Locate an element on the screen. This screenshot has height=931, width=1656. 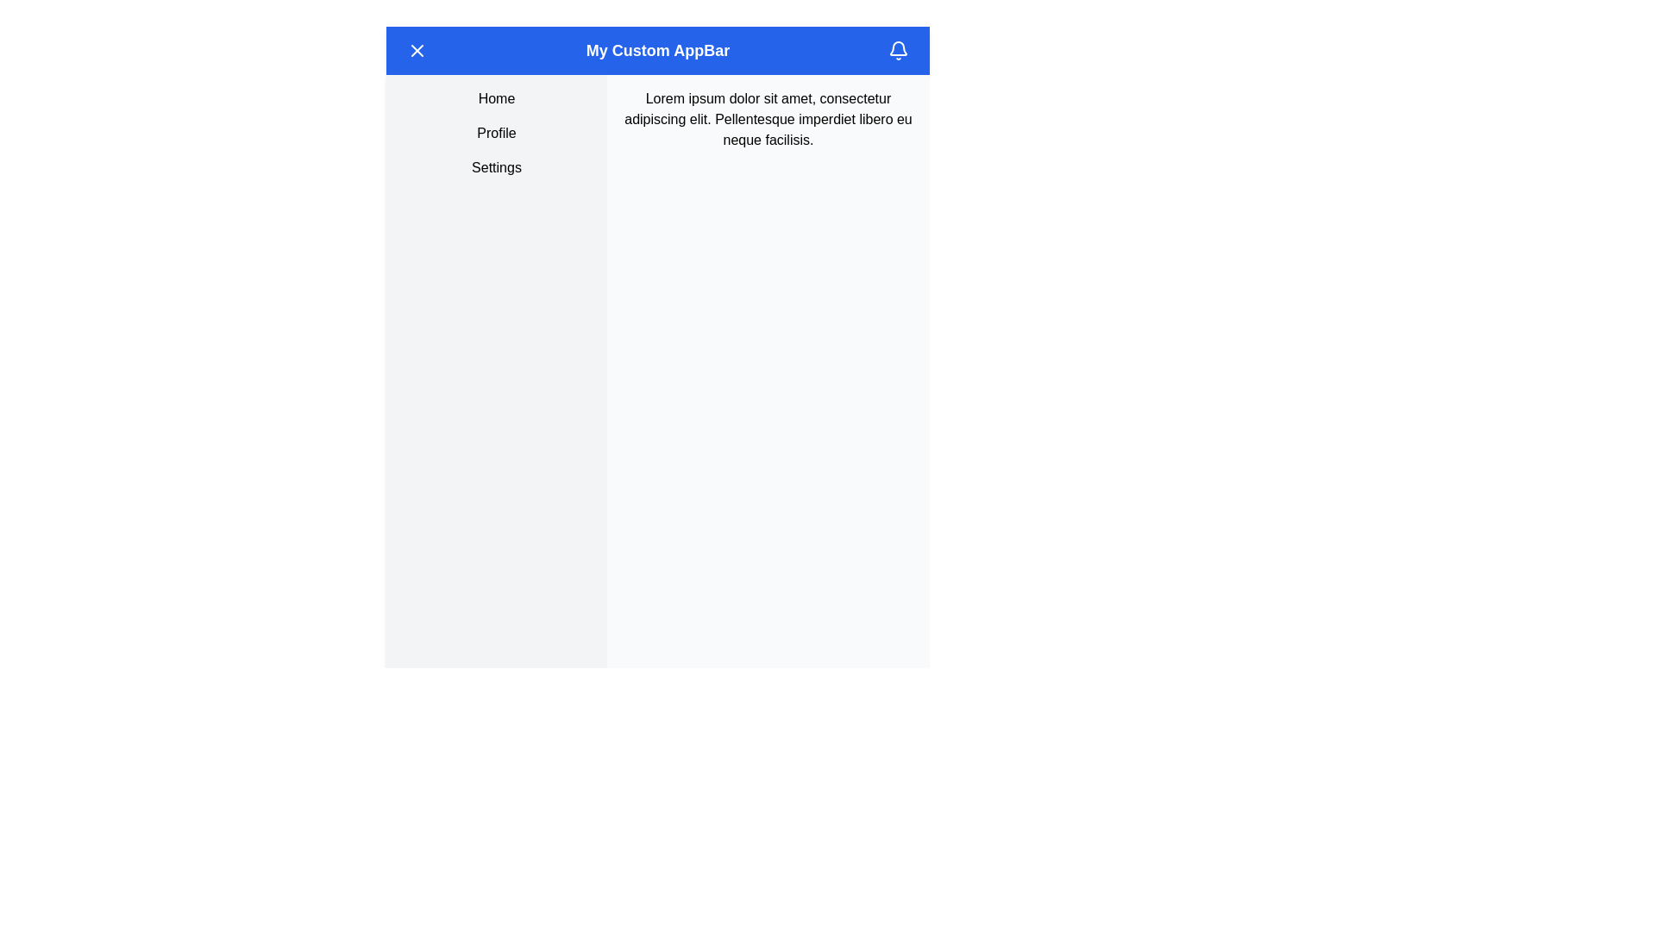
the blue square button containing an 'X' icon located on the far left of the app bar is located at coordinates (417, 49).